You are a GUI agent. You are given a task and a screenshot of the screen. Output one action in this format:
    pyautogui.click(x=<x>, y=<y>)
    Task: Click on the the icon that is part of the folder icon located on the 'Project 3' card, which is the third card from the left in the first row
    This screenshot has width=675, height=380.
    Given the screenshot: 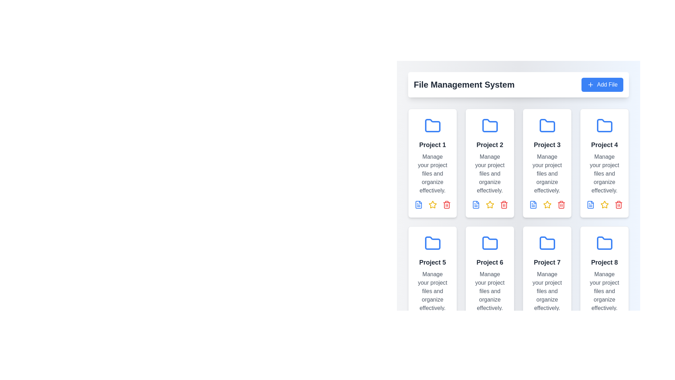 What is the action you would take?
    pyautogui.click(x=547, y=125)
    